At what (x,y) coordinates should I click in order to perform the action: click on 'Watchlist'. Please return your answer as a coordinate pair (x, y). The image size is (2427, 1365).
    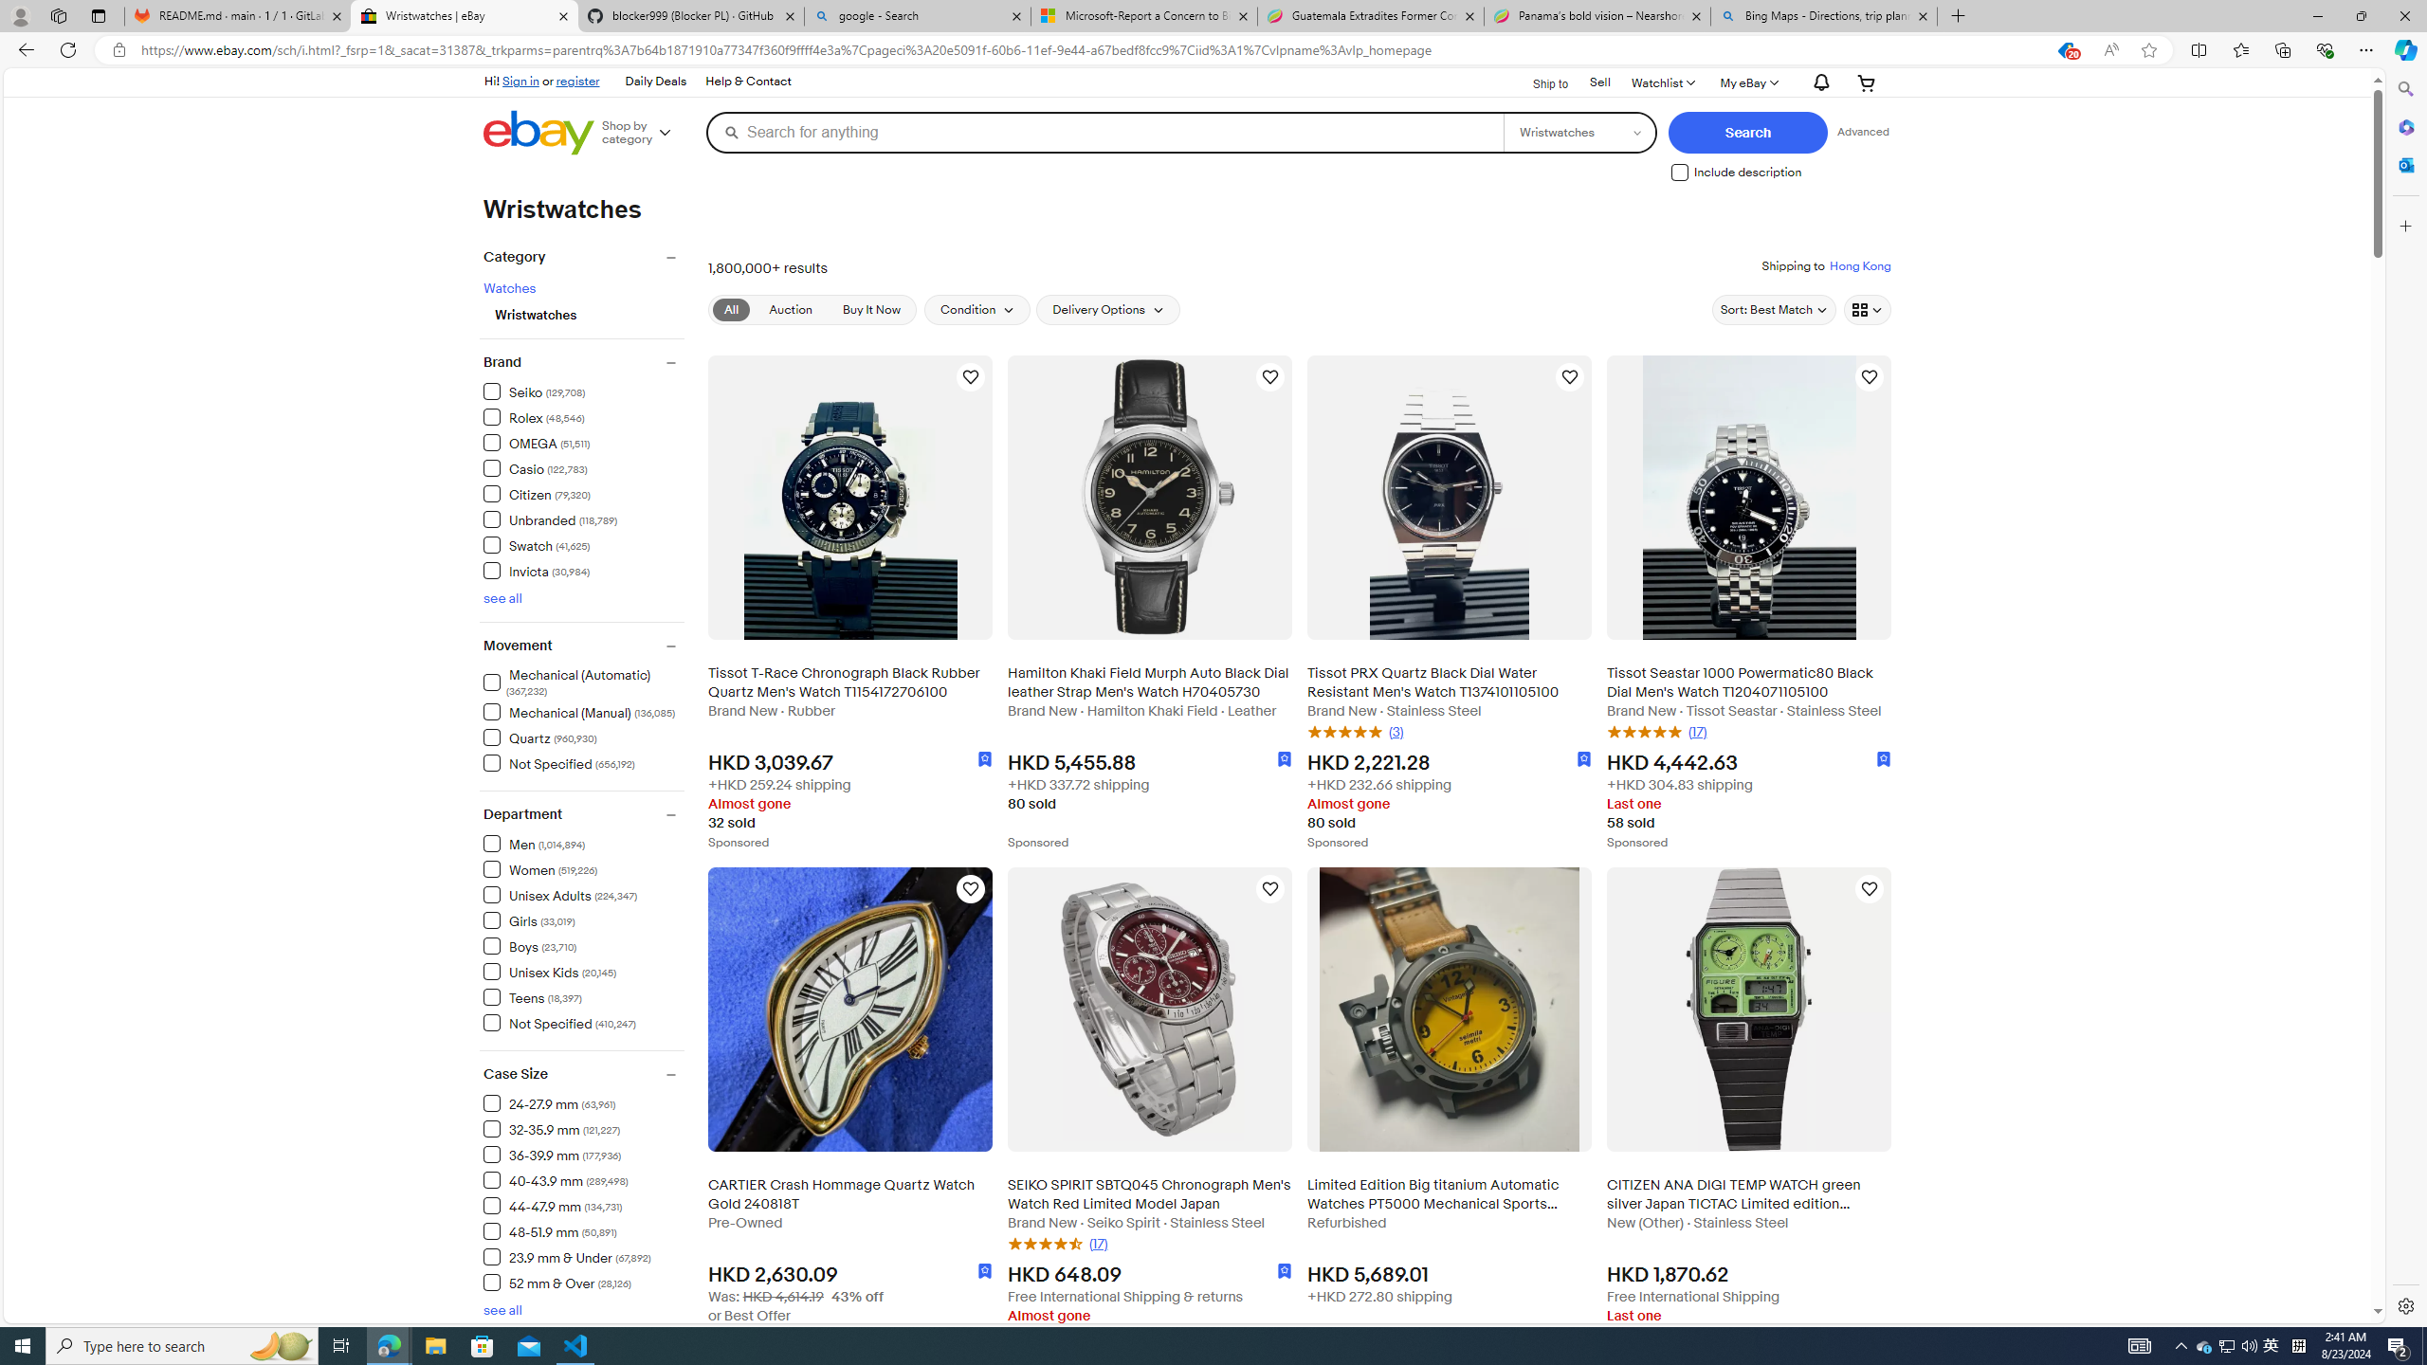
    Looking at the image, I should click on (1661, 82).